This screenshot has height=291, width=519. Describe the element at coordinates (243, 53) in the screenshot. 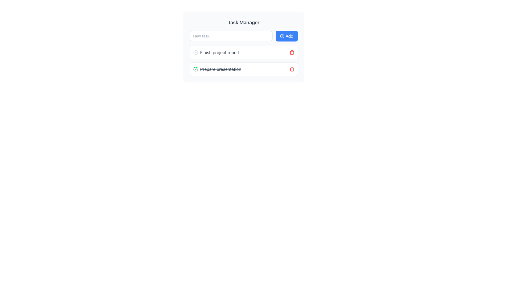

I see `the first task item in the task list under 'Task Manager'` at that location.